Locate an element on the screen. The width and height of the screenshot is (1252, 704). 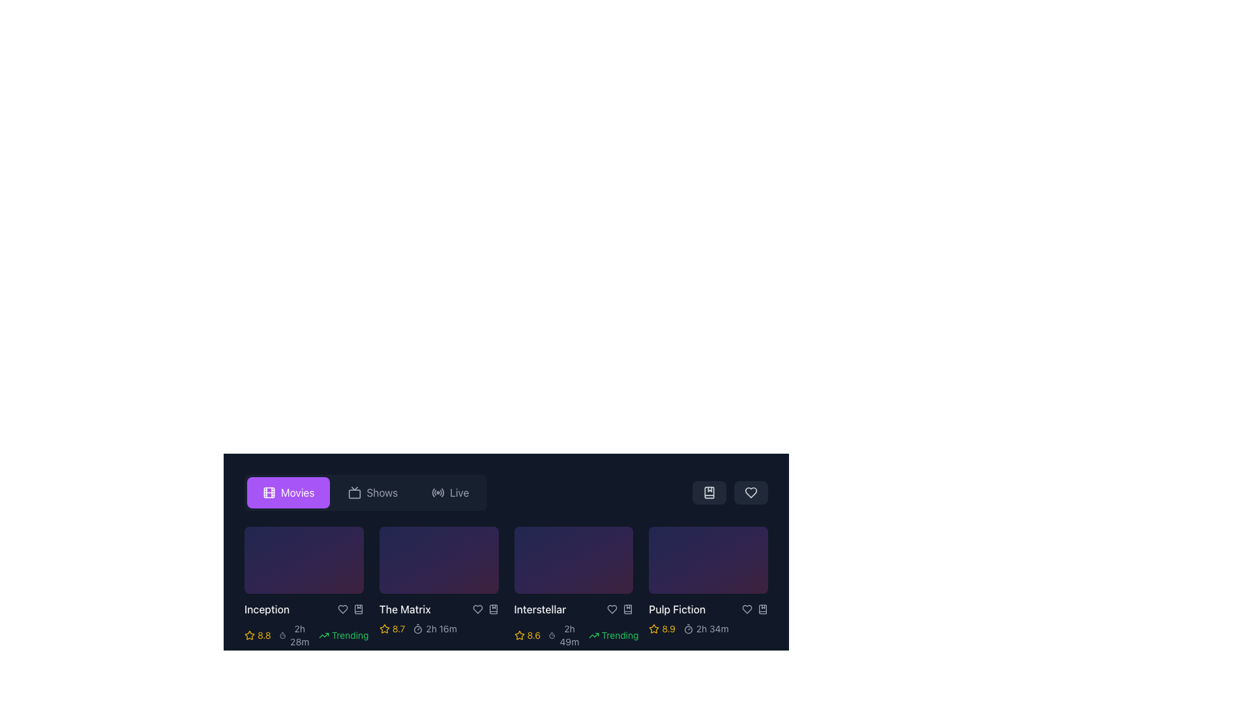
the duration text of the movie displayed in the 'Pulp Fiction' section, located to the right of the rating indication (8.9) and the yellow star icon is located at coordinates (705, 628).